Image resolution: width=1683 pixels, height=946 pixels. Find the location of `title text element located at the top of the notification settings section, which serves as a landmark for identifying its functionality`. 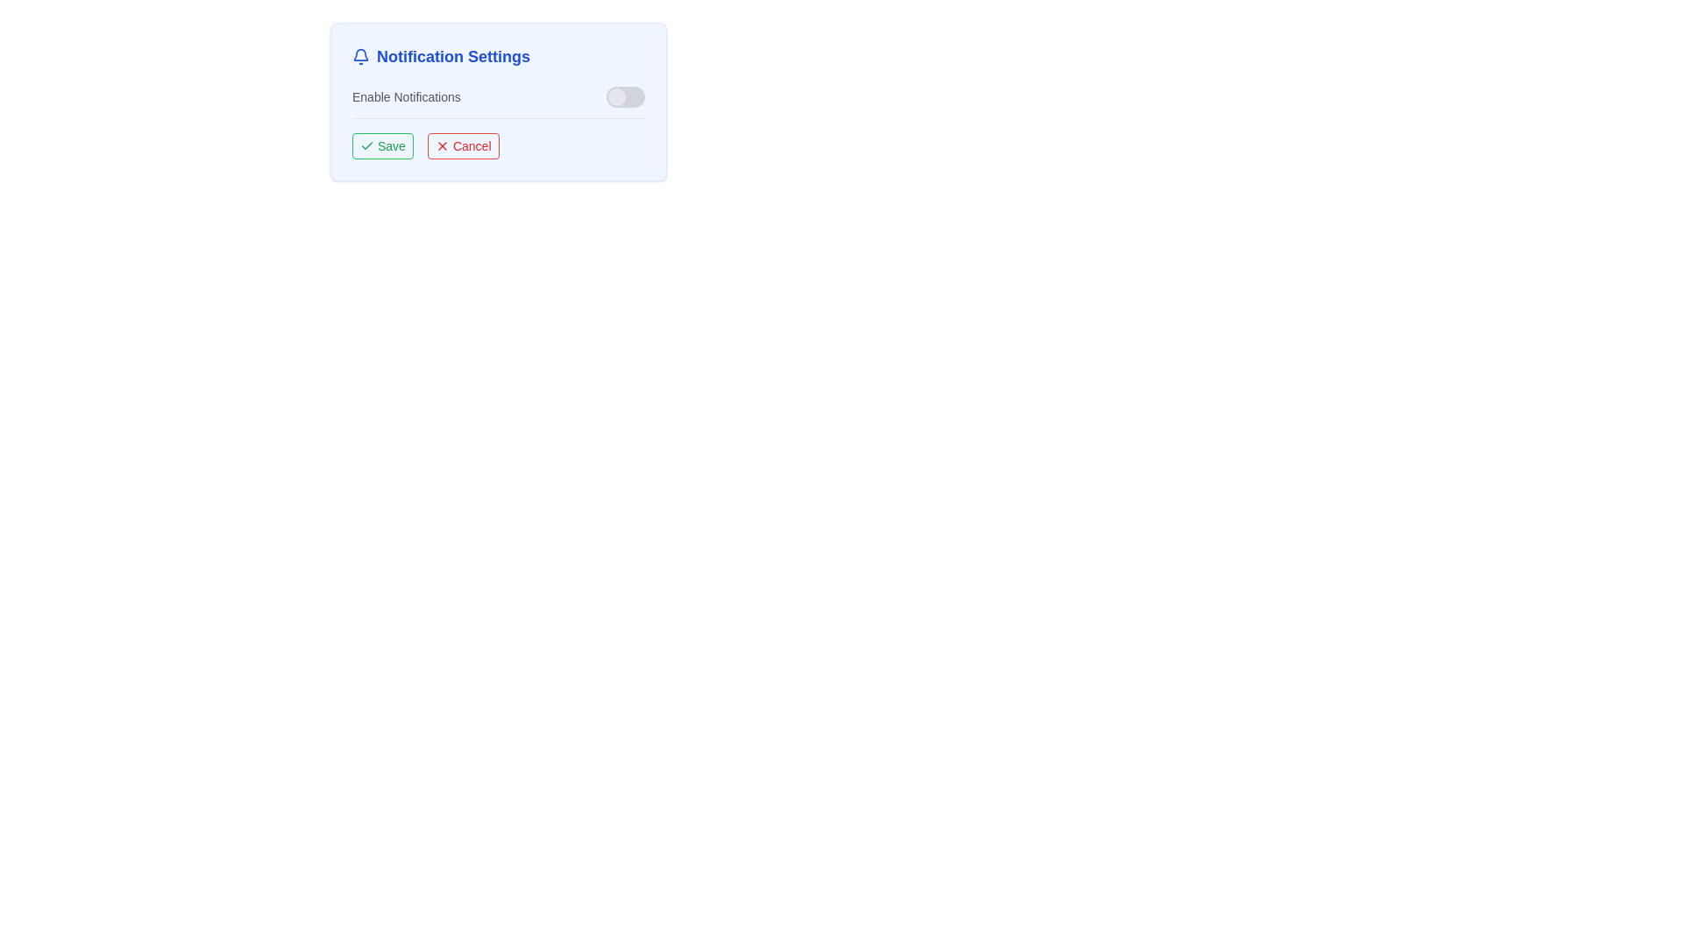

title text element located at the top of the notification settings section, which serves as a landmark for identifying its functionality is located at coordinates (498, 56).